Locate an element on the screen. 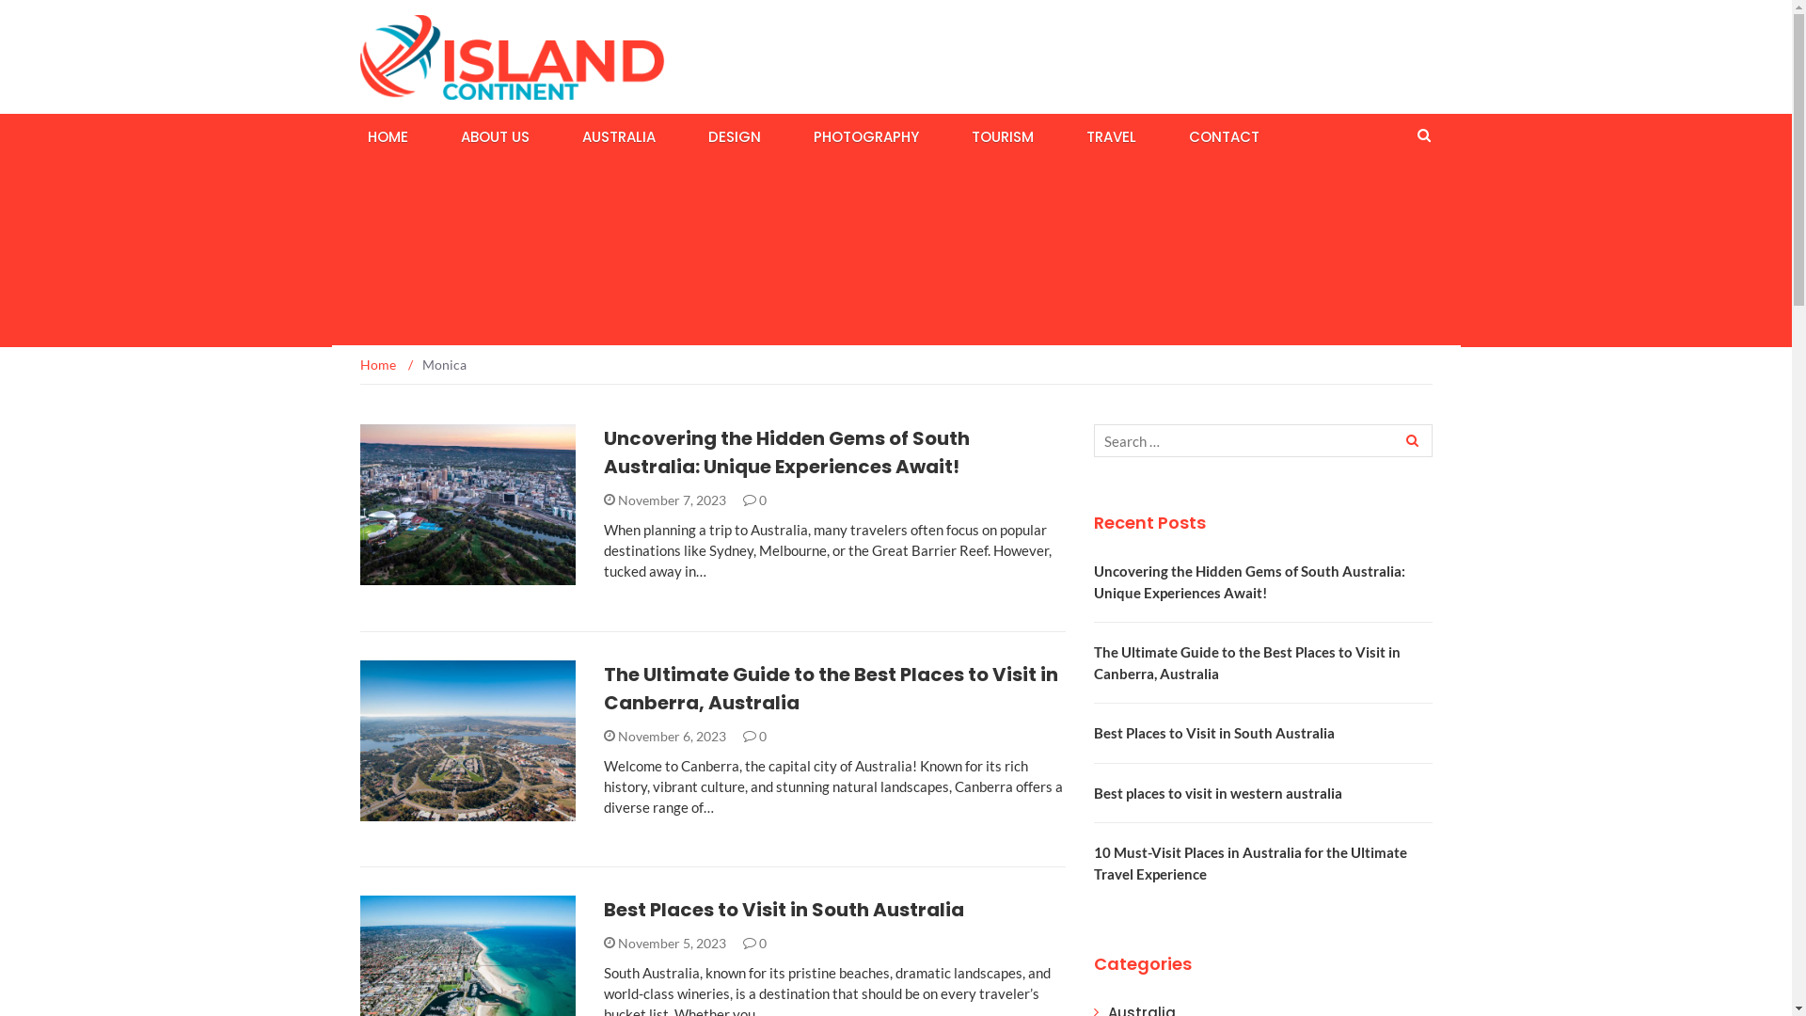 Image resolution: width=1806 pixels, height=1016 pixels. 'PHOTOGRAPHY' is located at coordinates (864, 135).